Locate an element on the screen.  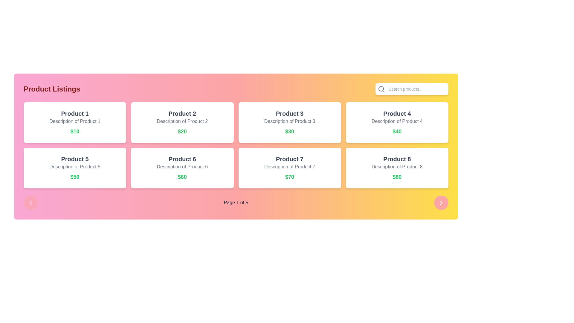
the Text label that identifies 'Product 5', located at the top of the product card, which is the first card on the second row of the grid layout is located at coordinates (74, 159).